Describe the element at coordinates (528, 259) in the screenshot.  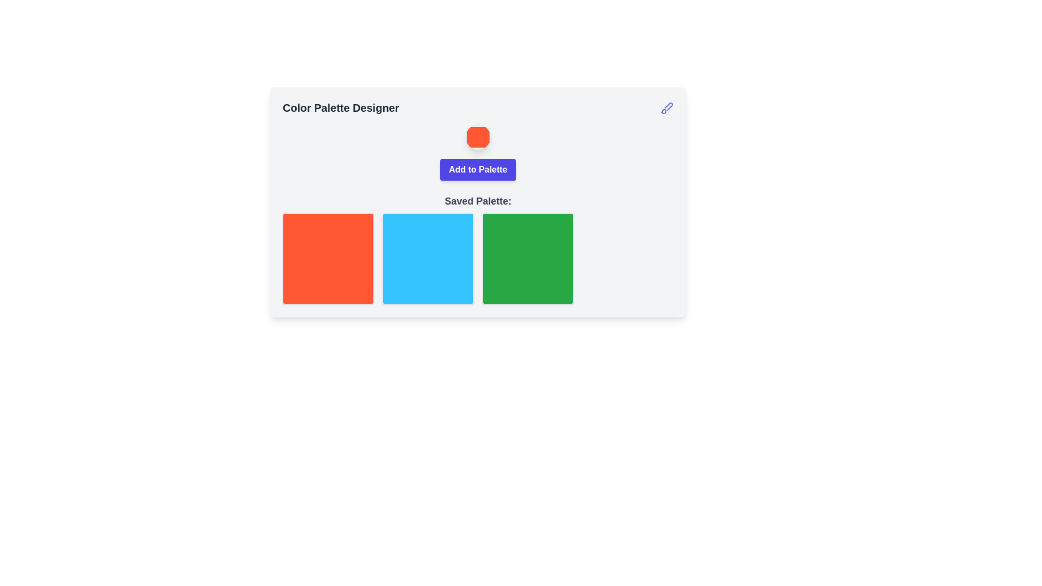
I see `the green square visual placeholder in the 'Saved Palette:' section, which is the third element from the left` at that location.